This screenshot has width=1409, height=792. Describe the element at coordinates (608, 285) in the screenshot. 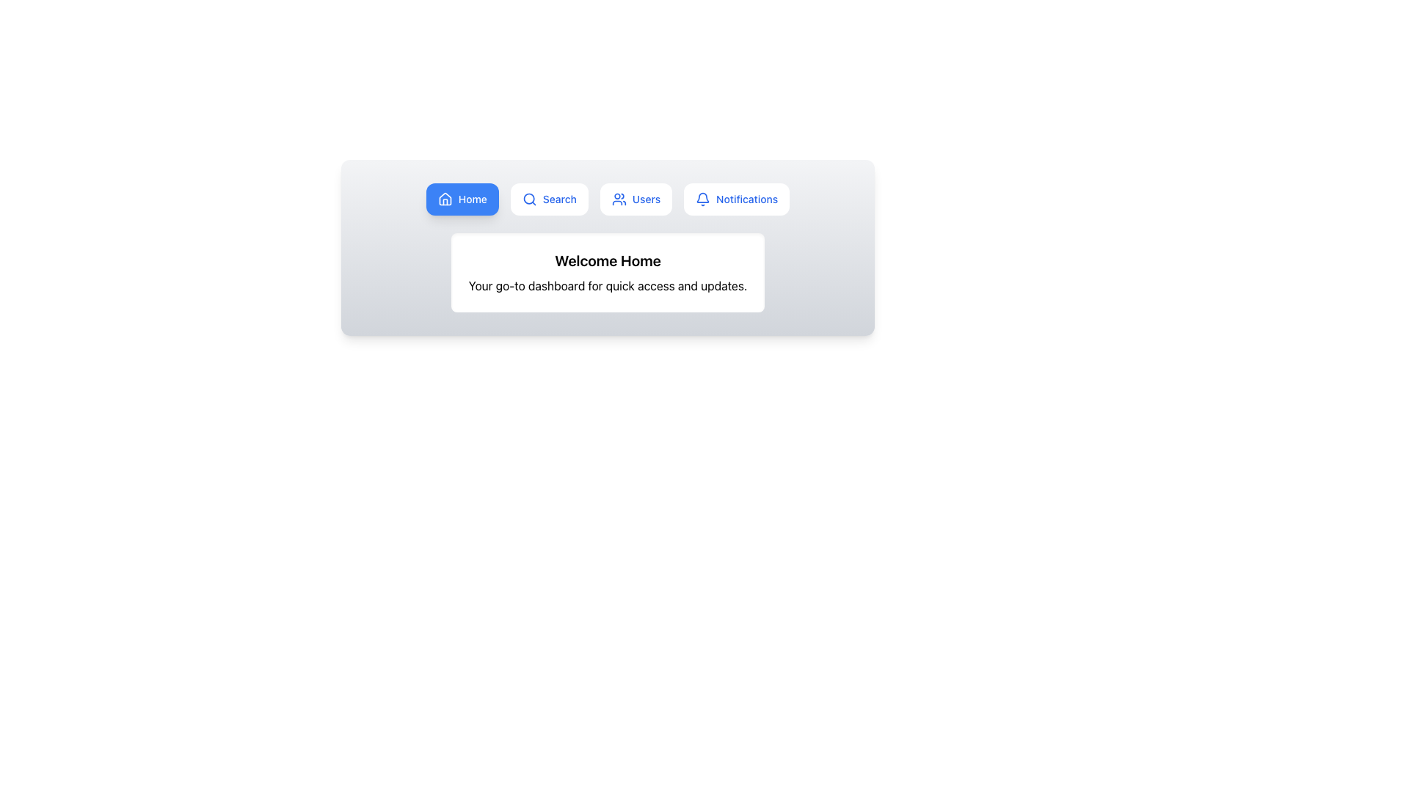

I see `text displayed in the text block that says 'Your go-to dashboard for quick access and updates.' located below the 'Welcome Home' heading` at that location.